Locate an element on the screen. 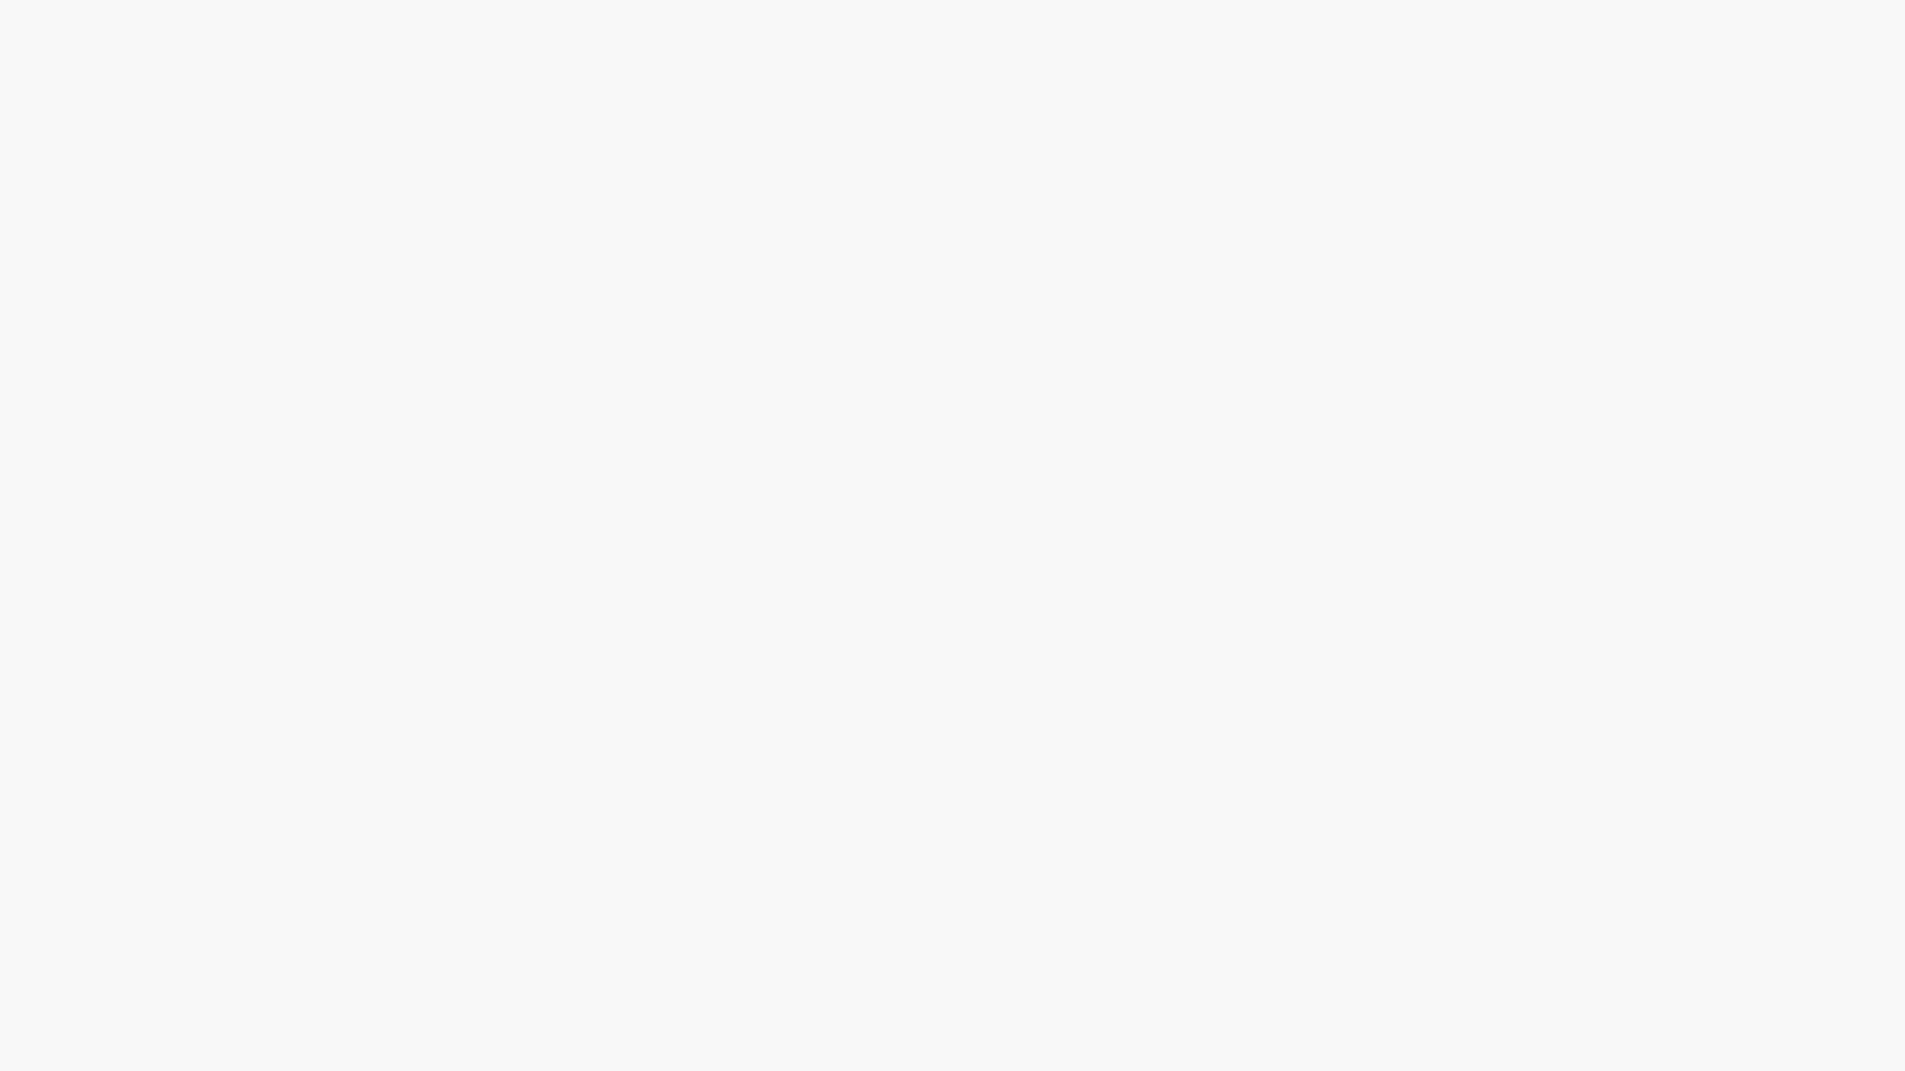 This screenshot has width=1905, height=1071. Botao Compartilhar is located at coordinates (1528, 982).